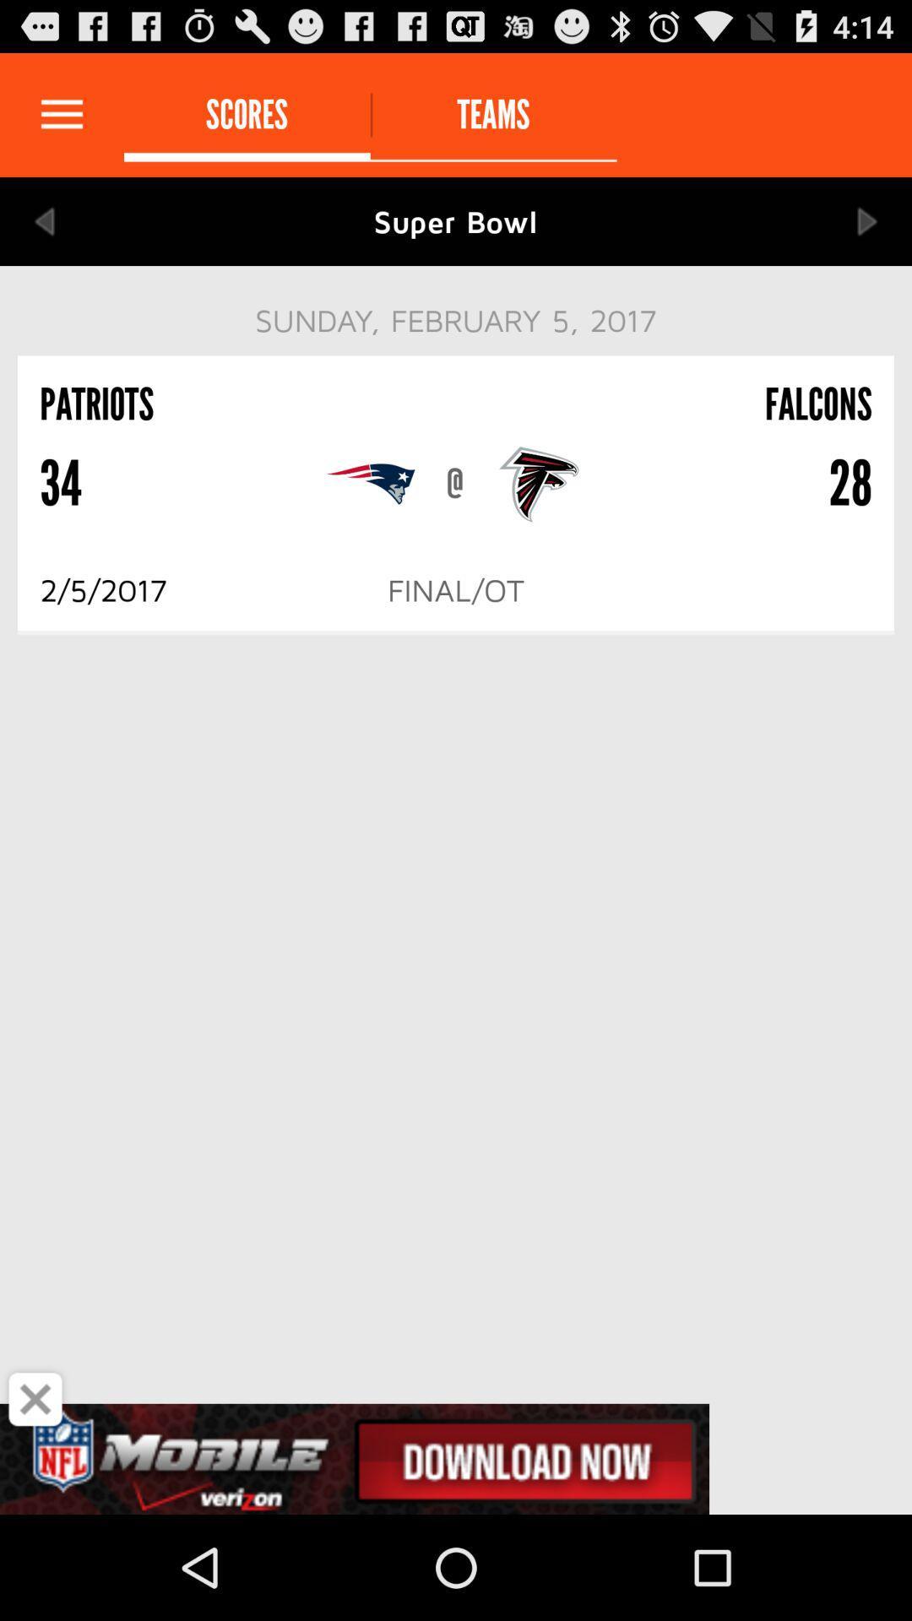 The height and width of the screenshot is (1621, 912). I want to click on the play icon, so click(867, 236).